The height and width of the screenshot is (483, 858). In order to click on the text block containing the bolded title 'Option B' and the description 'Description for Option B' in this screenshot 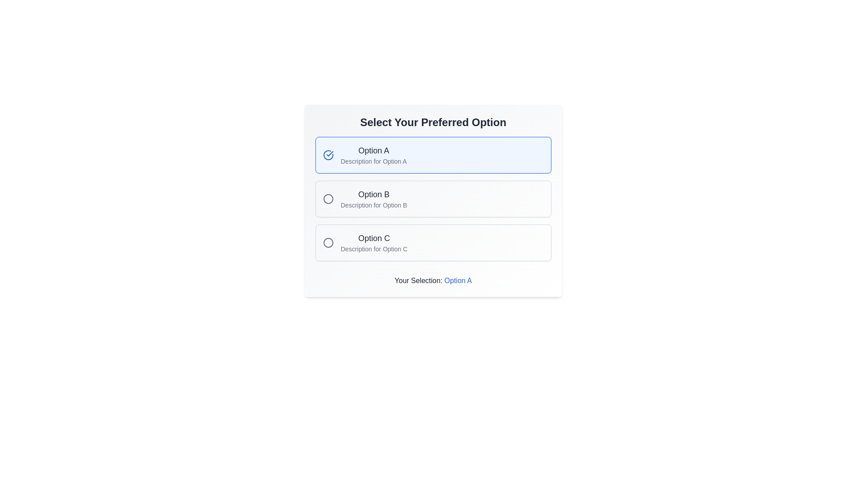, I will do `click(374, 198)`.